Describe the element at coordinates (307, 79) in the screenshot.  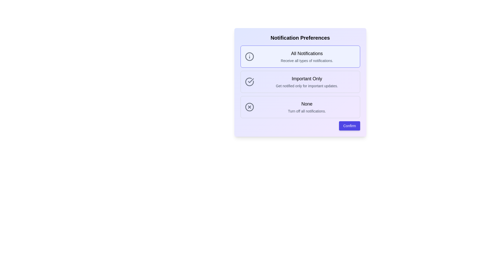
I see `the bold text label 'Important Only', which is prominently displayed above the description 'Get notified only for important updates' in the notification preferences section` at that location.